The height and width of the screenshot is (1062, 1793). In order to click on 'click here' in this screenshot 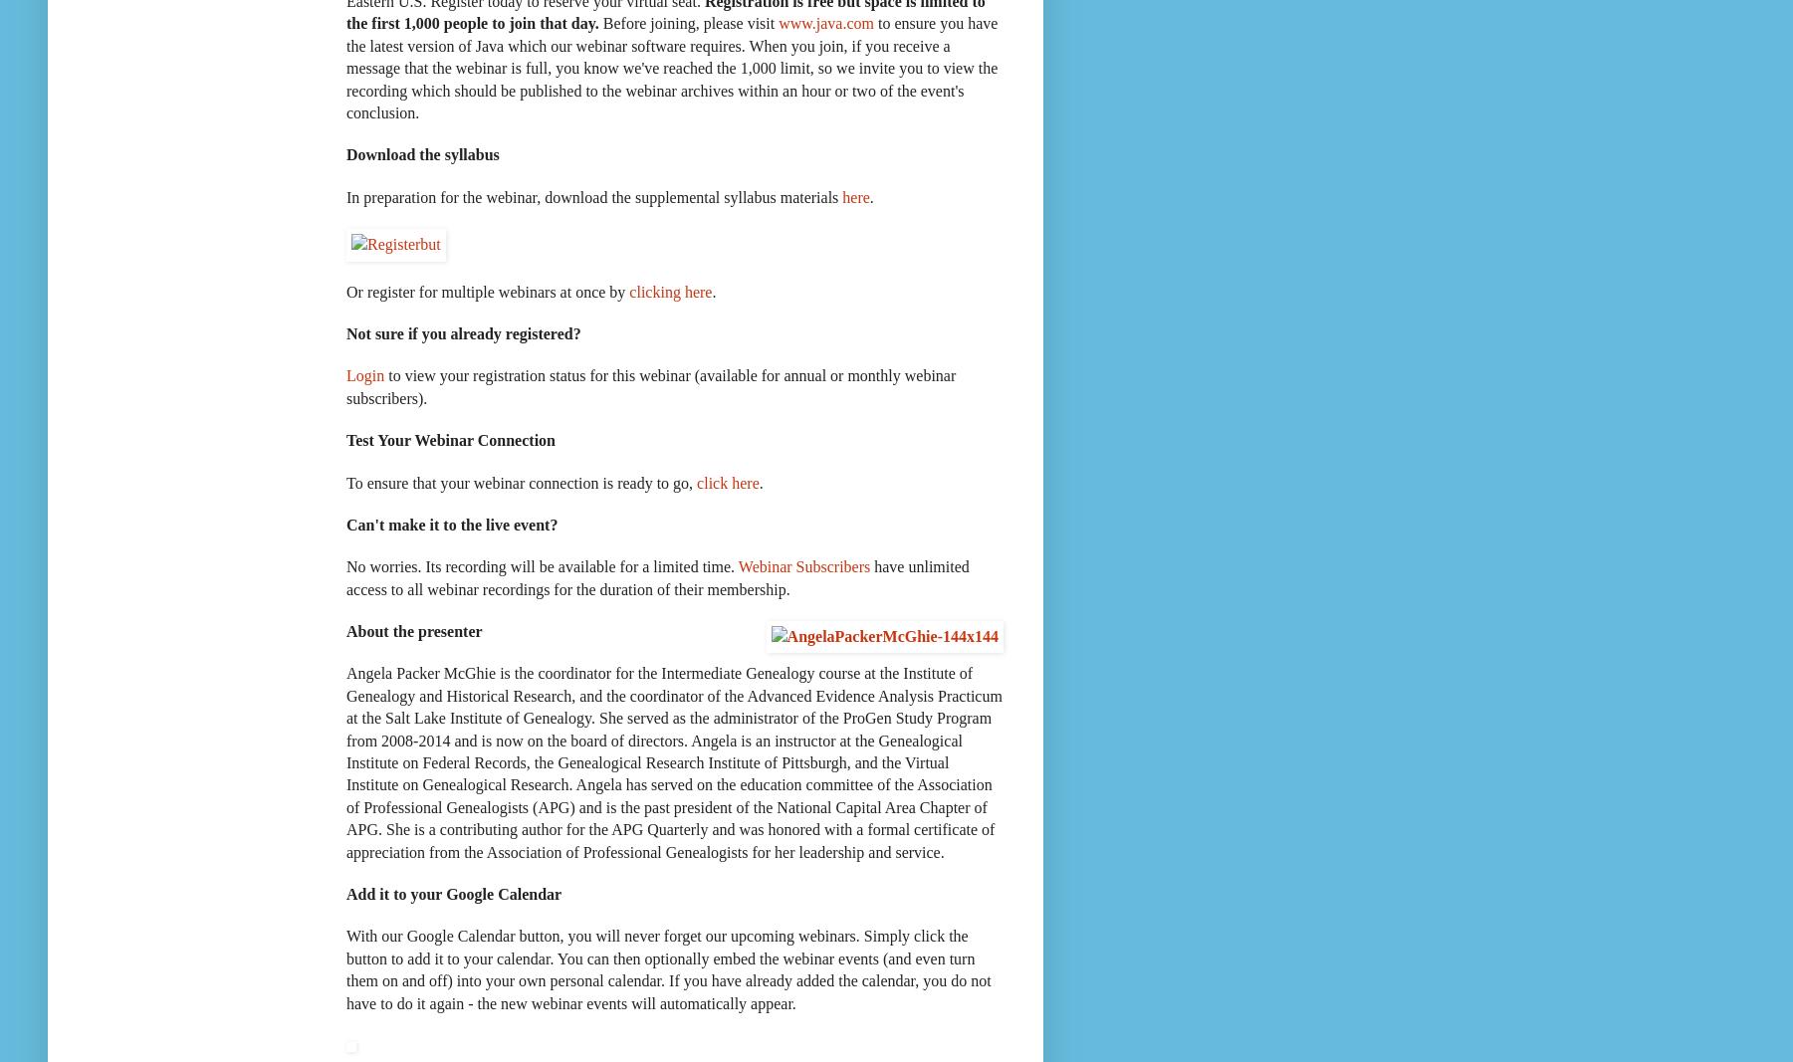, I will do `click(728, 481)`.